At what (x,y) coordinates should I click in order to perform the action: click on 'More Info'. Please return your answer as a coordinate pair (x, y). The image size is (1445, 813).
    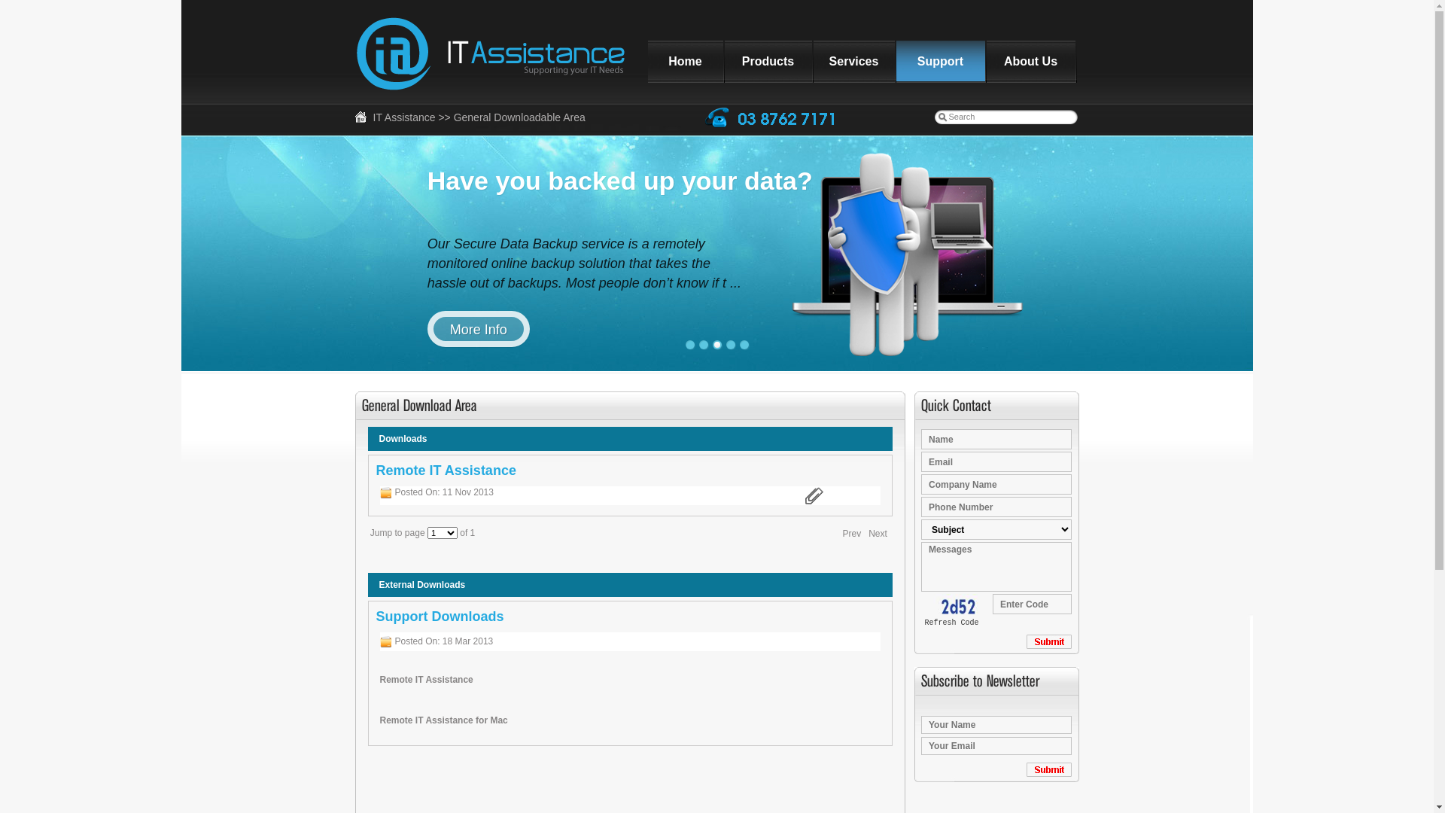
    Looking at the image, I should click on (477, 327).